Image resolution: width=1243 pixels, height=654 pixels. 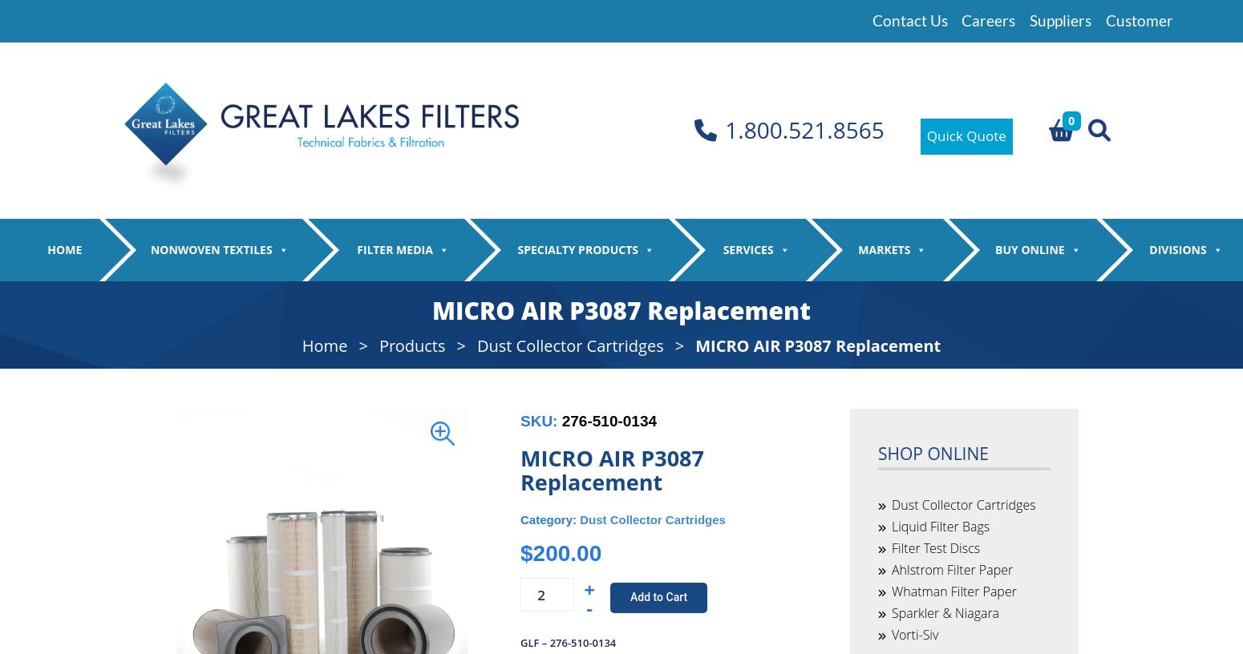 What do you see at coordinates (164, 329) in the screenshot?
I see `'Needlepunch Fabrics'` at bounding box center [164, 329].